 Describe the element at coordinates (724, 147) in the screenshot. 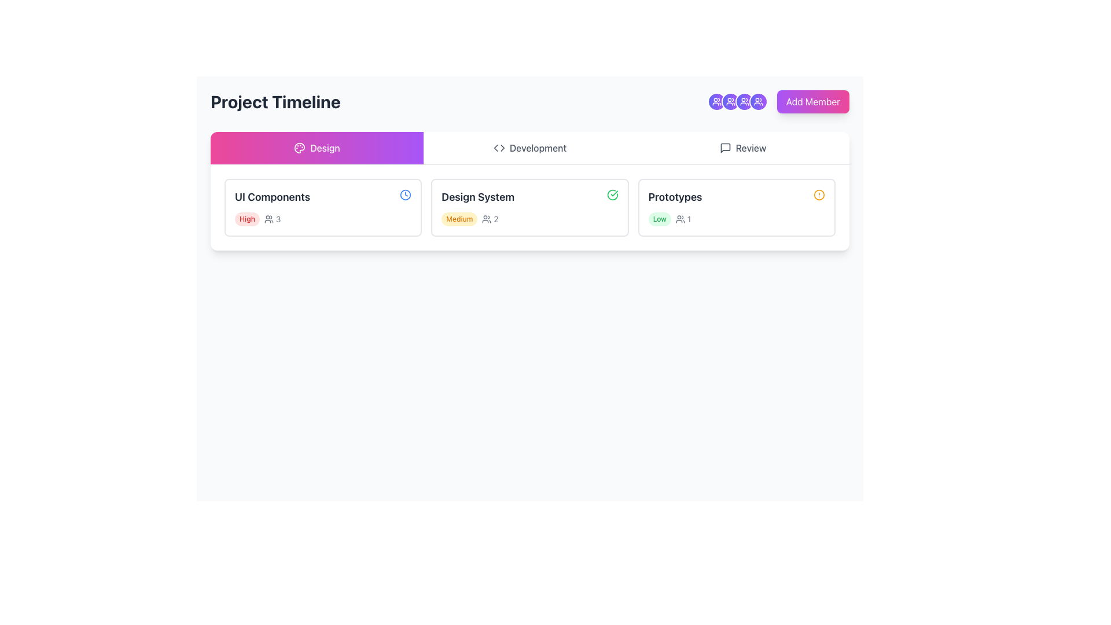

I see `the square speech bubble icon representing messages or comments, located near the top right of the interface, associated with the 'Review' tab heading` at that location.